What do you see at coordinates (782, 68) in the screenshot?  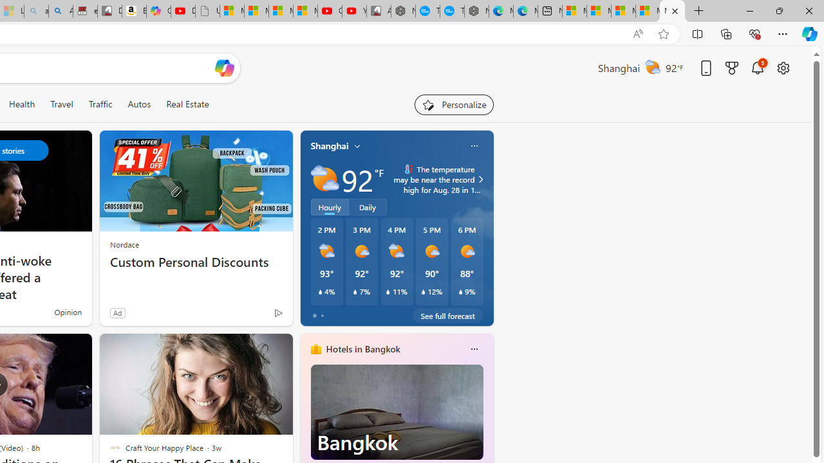 I see `'Open settings'` at bounding box center [782, 68].